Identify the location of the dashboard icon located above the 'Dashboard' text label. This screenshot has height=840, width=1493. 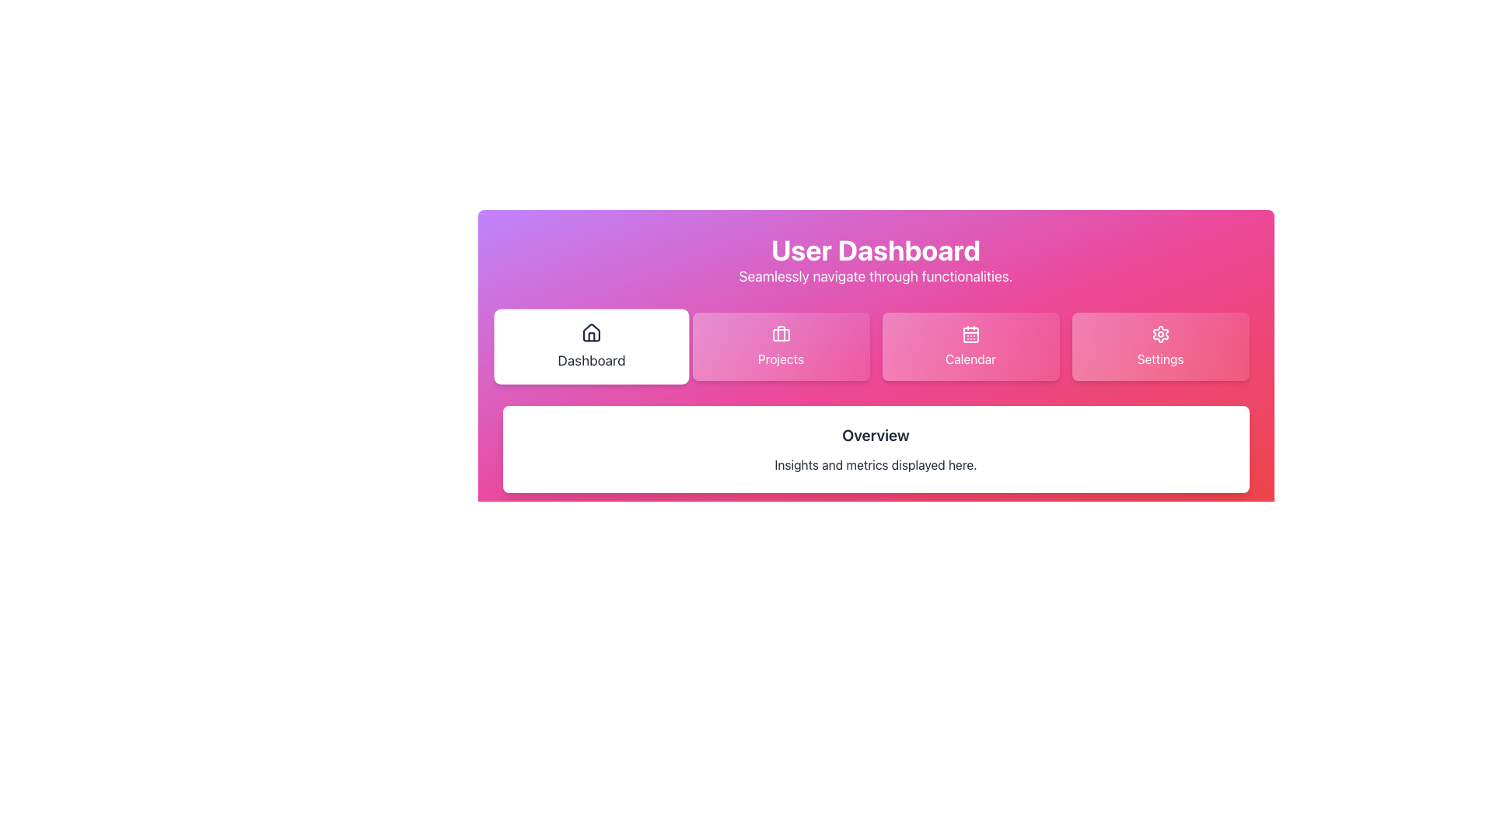
(590, 331).